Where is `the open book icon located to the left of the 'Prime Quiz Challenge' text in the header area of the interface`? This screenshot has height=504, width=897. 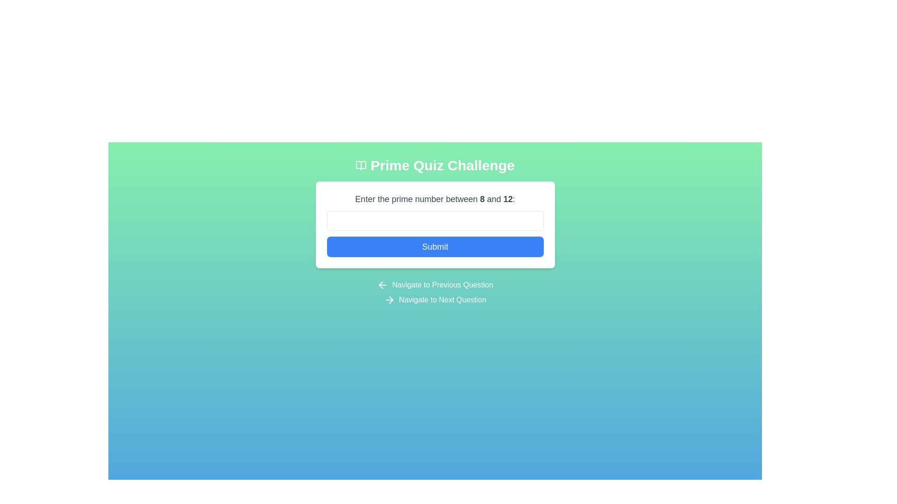 the open book icon located to the left of the 'Prime Quiz Challenge' text in the header area of the interface is located at coordinates (361, 165).